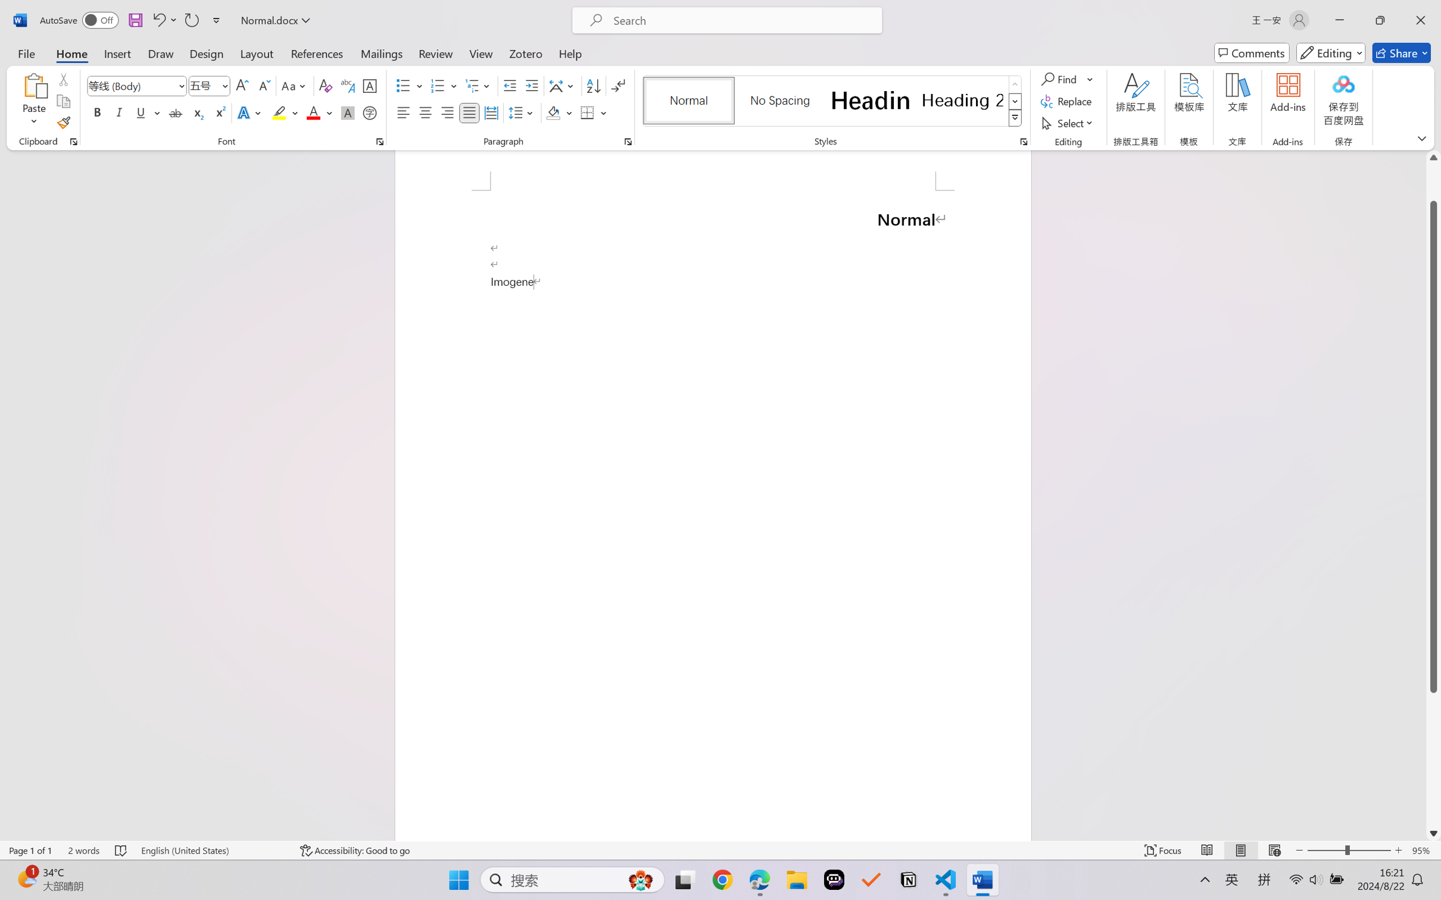 The image size is (1441, 900). Describe the element at coordinates (1014, 118) in the screenshot. I see `'Styles'` at that location.